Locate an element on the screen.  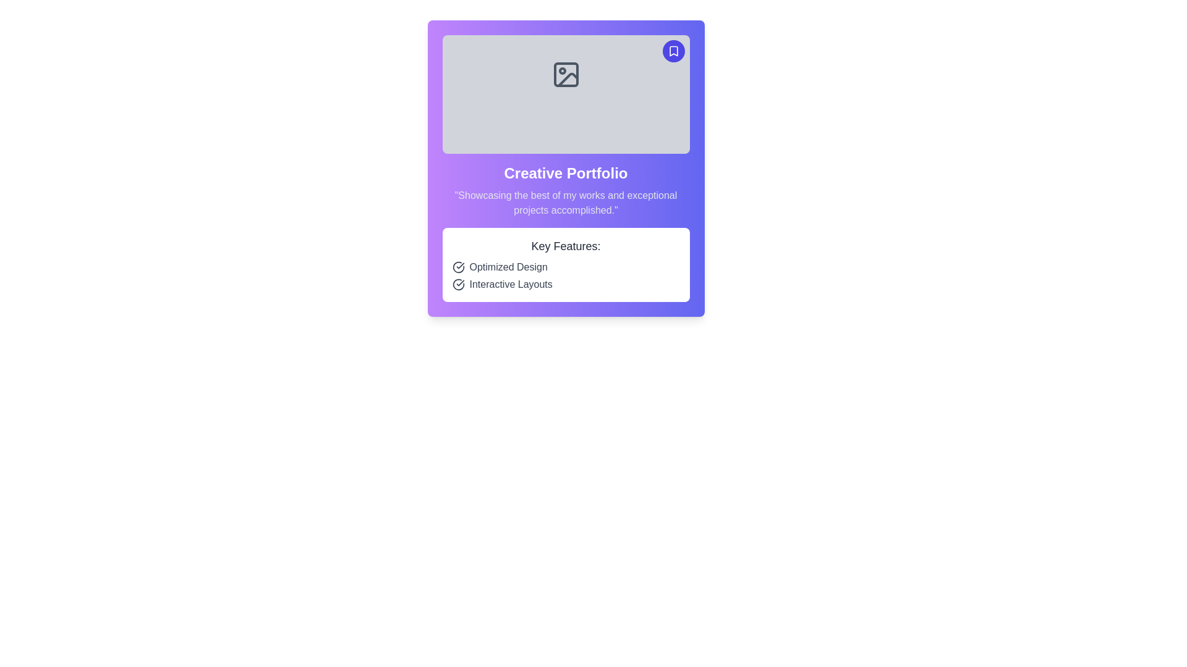
the stylized bookmark icon located in the upper-right corner of the blue rectangular section within the card highlighting the 'Creative Portfolio' title is located at coordinates (673, 51).